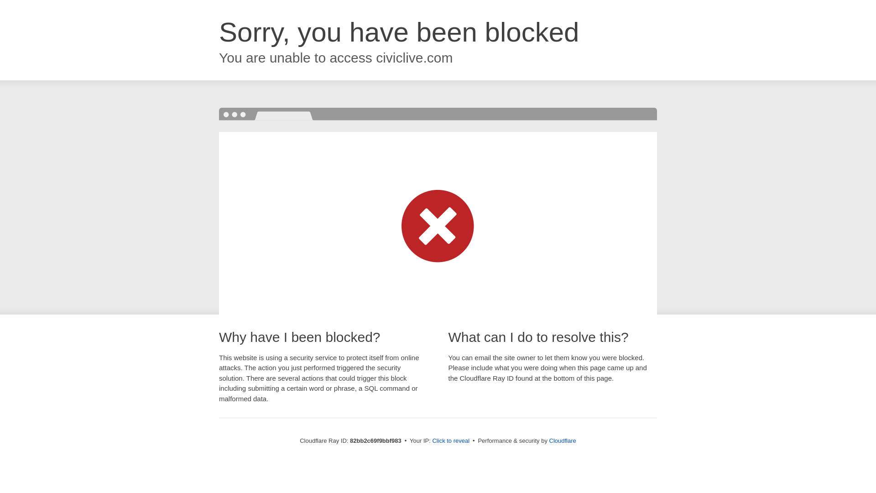  What do you see at coordinates (451, 440) in the screenshot?
I see `'Click to reveal'` at bounding box center [451, 440].